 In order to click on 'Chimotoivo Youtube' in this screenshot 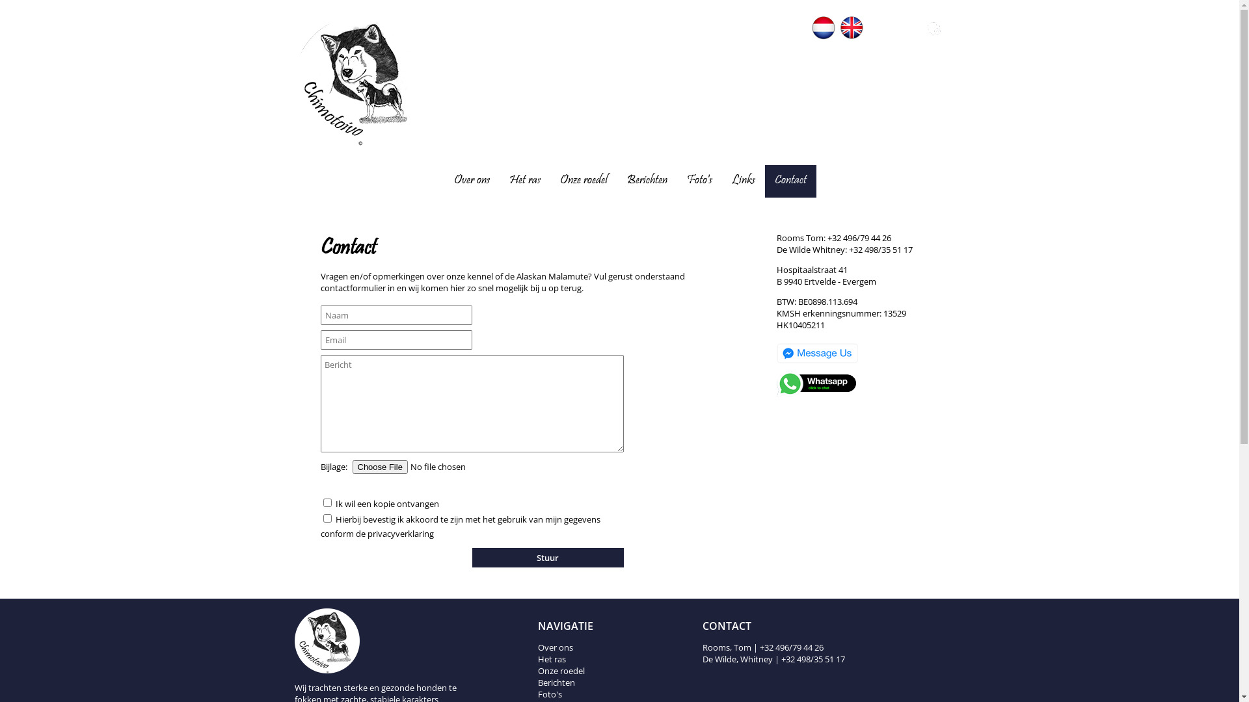, I will do `click(905, 36)`.